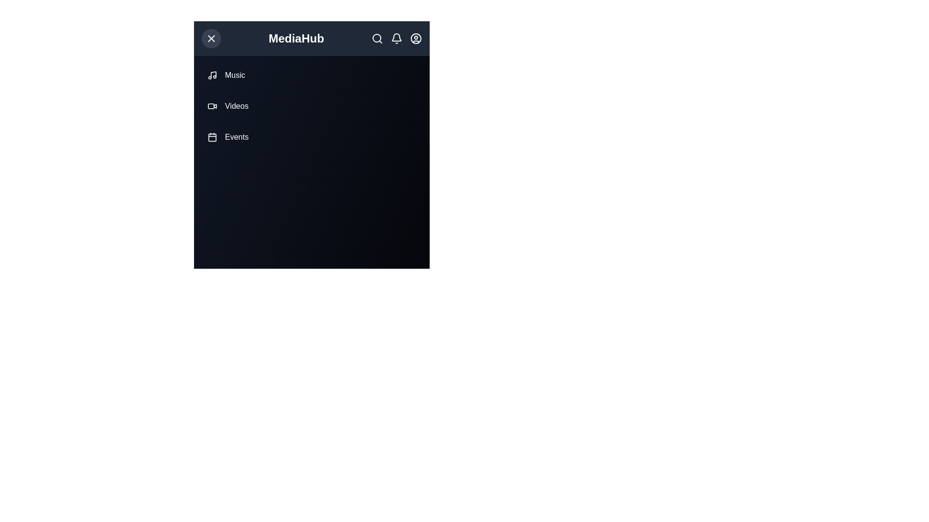 Image resolution: width=929 pixels, height=522 pixels. I want to click on the navigation item Videos, so click(312, 106).